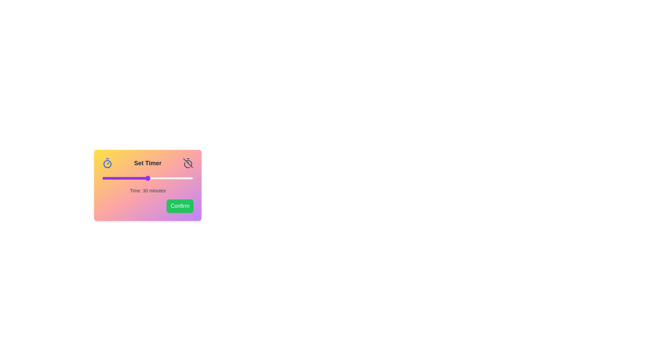 Image resolution: width=645 pixels, height=362 pixels. I want to click on the slider to the desired time value 5 minutes, so click(110, 178).